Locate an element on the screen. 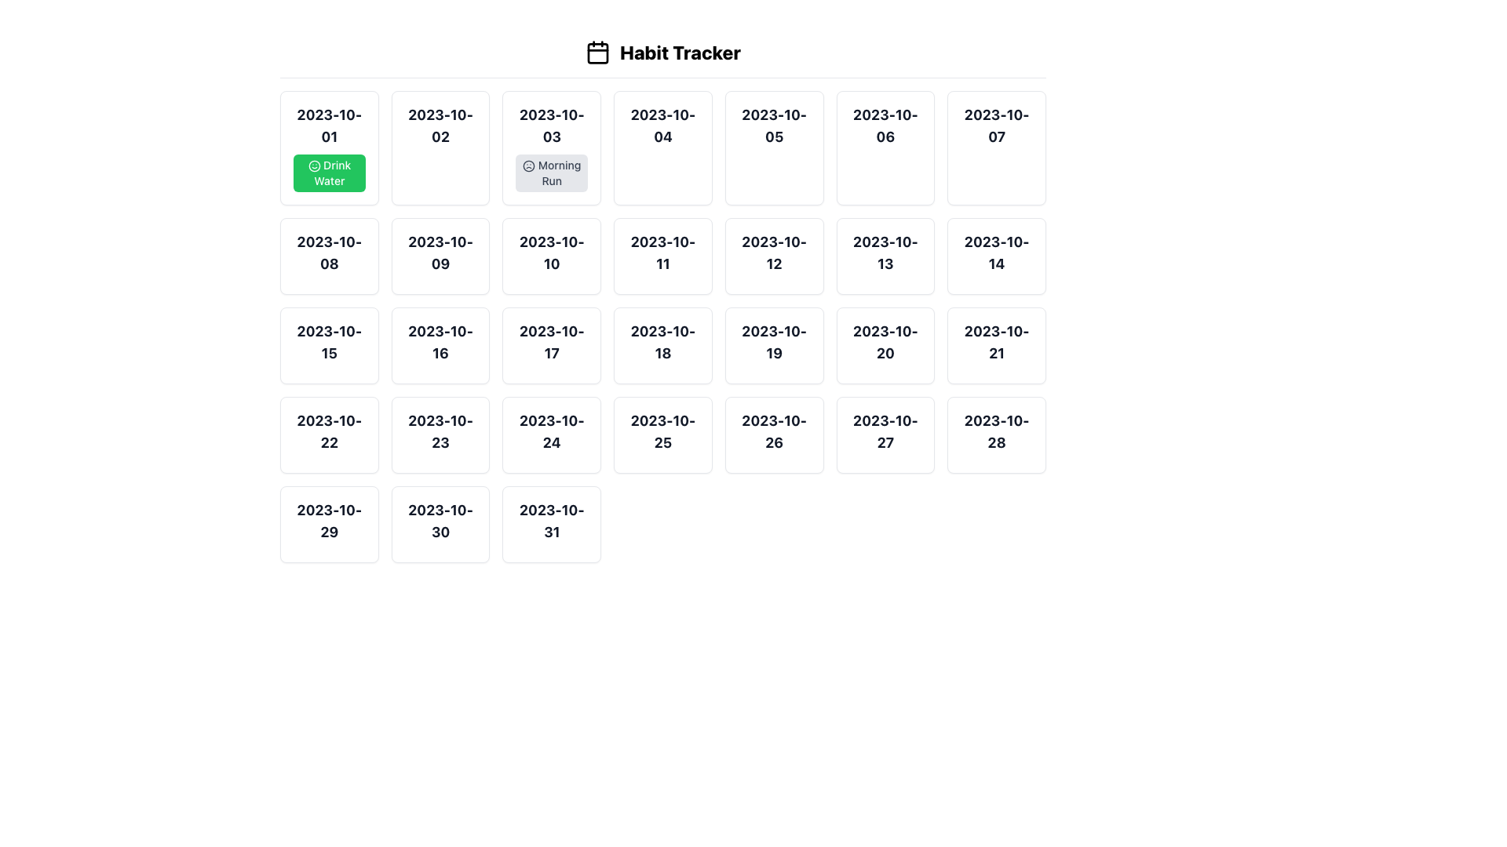 The height and width of the screenshot is (847, 1507). the static text element displaying the date '2023-10-10' located in the third row and third column of the calendar layout is located at coordinates (552, 253).